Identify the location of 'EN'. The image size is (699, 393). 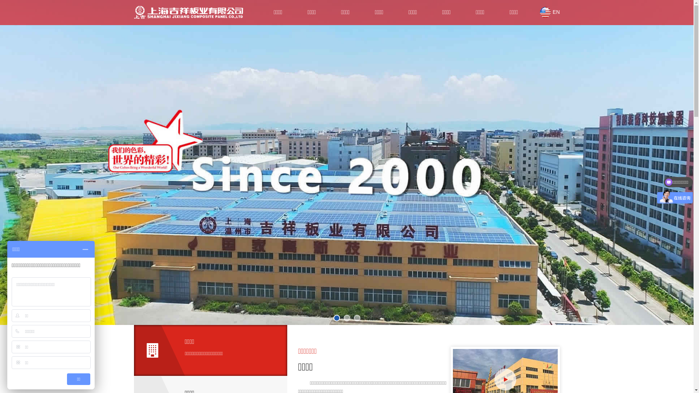
(550, 12).